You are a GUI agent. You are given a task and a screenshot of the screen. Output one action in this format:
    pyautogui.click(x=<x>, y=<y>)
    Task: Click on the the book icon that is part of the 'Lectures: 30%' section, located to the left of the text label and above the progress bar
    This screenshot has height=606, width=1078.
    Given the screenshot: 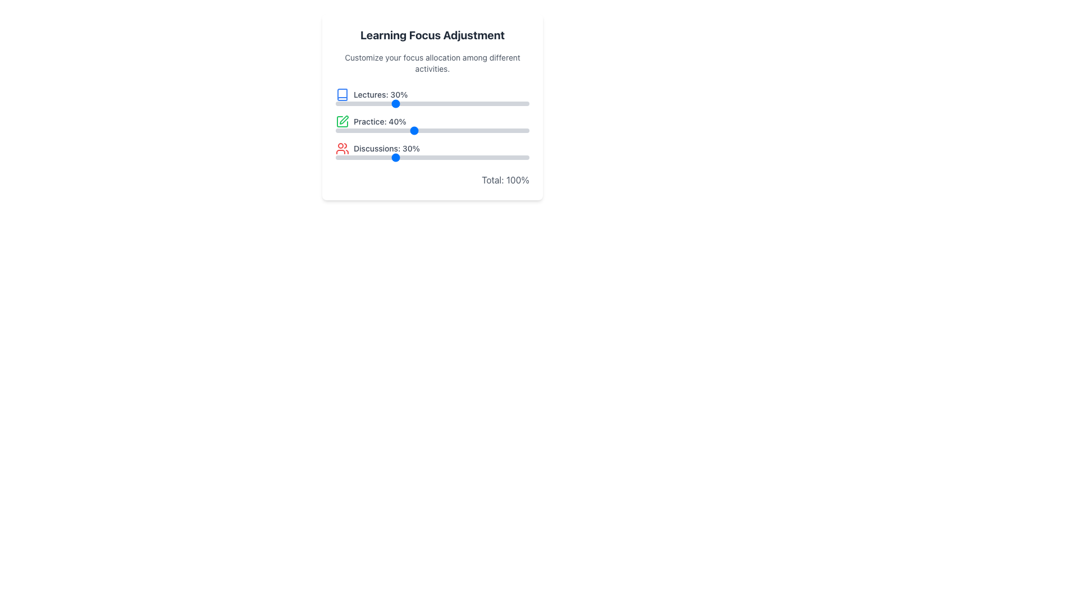 What is the action you would take?
    pyautogui.click(x=341, y=94)
    